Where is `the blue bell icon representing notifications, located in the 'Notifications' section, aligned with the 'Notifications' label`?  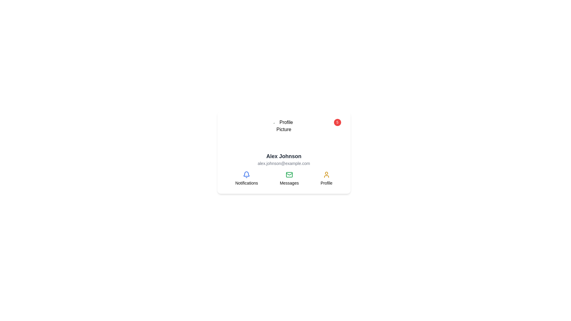
the blue bell icon representing notifications, located in the 'Notifications' section, aligned with the 'Notifications' label is located at coordinates (247, 174).